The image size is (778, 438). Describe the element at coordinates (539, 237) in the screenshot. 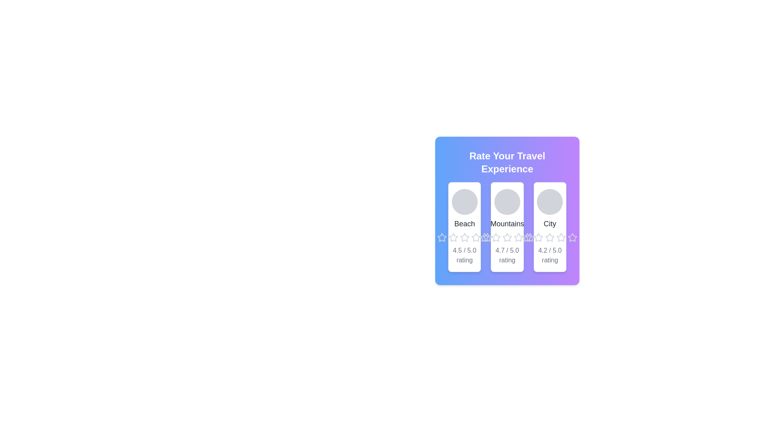

I see `the second star icon in the Star rating component under the 'City' card` at that location.